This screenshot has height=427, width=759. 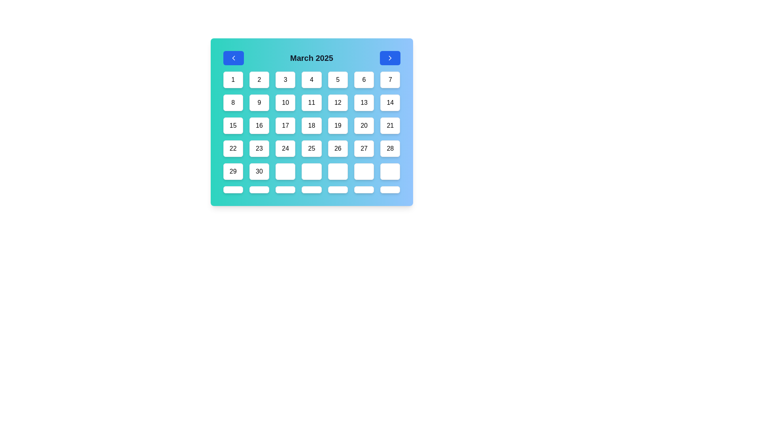 What do you see at coordinates (364, 148) in the screenshot?
I see `the small rectangular white button displaying the date '27', which is located in the fourth row and seventh column of the calendar grid` at bounding box center [364, 148].